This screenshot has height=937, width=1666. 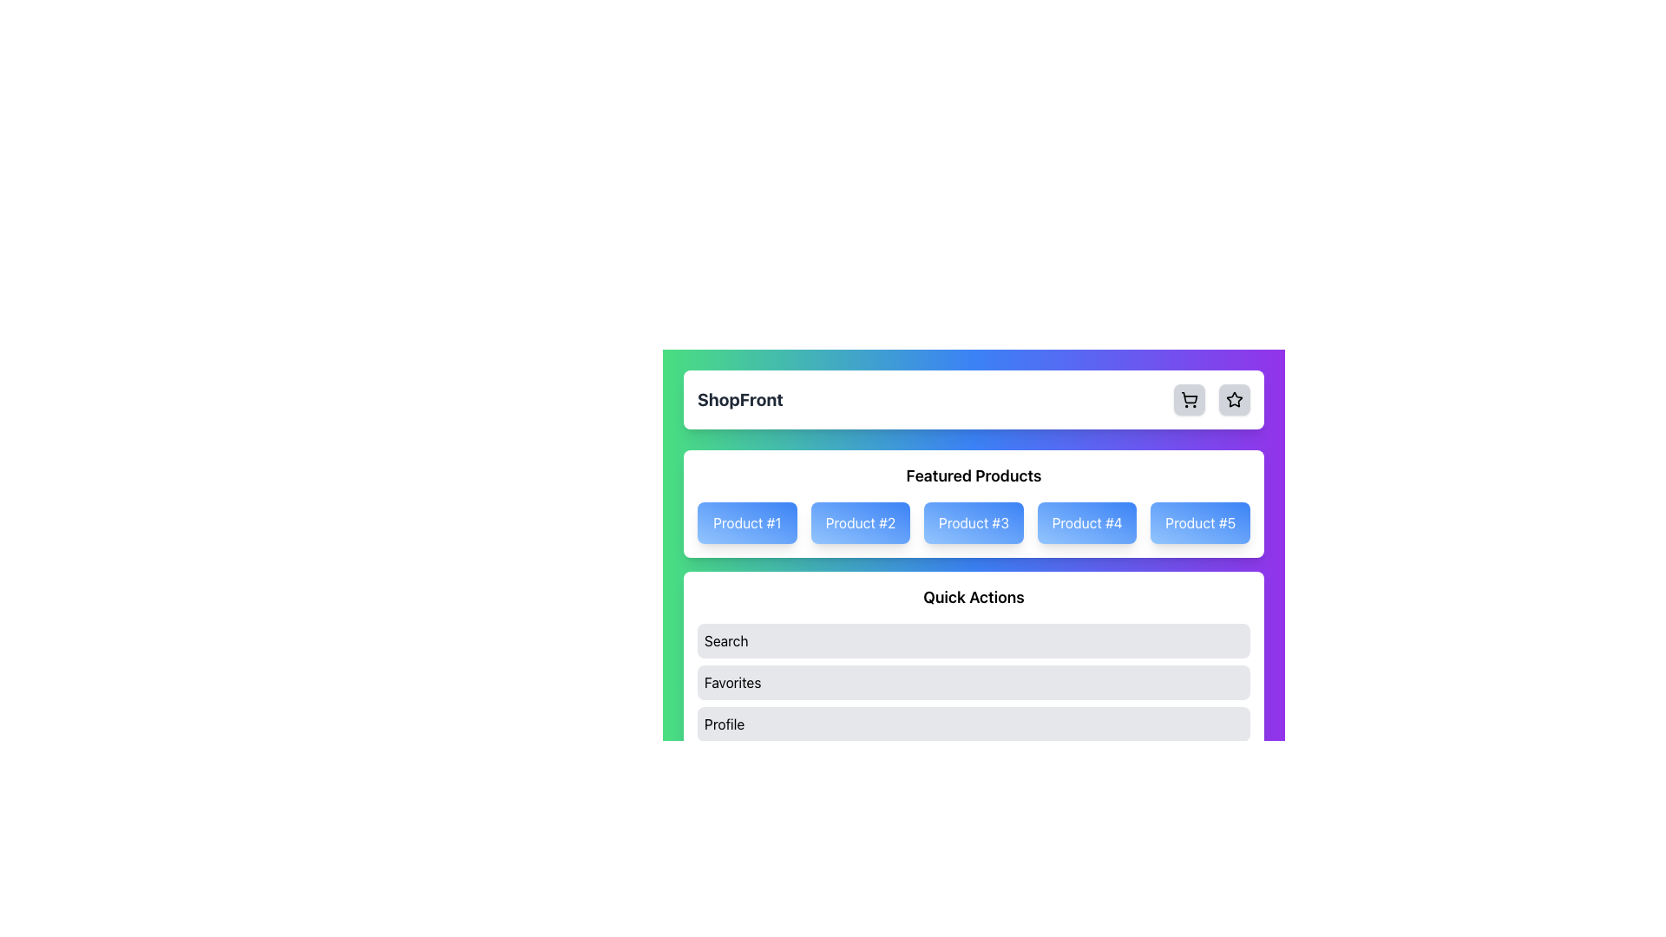 What do you see at coordinates (1233, 400) in the screenshot?
I see `the star icon in the top-right corner of the interface to mark an item as a favorite` at bounding box center [1233, 400].